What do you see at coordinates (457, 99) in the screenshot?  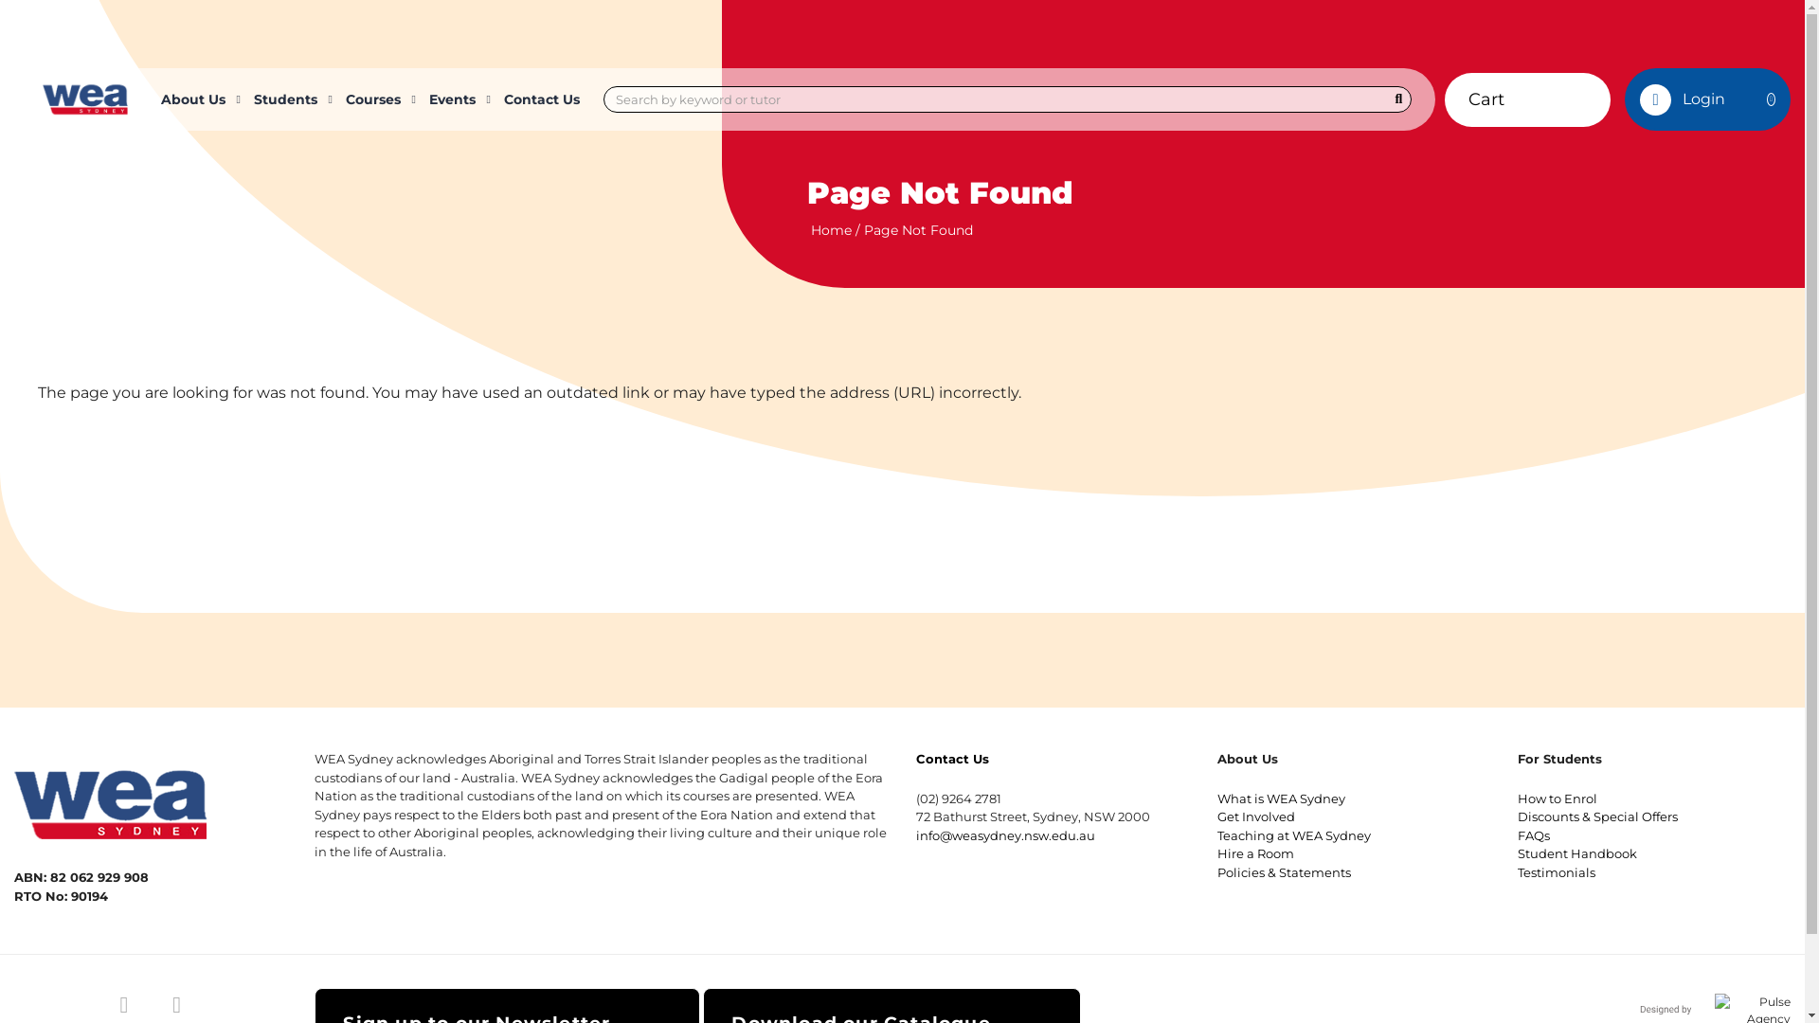 I see `'Events'` at bounding box center [457, 99].